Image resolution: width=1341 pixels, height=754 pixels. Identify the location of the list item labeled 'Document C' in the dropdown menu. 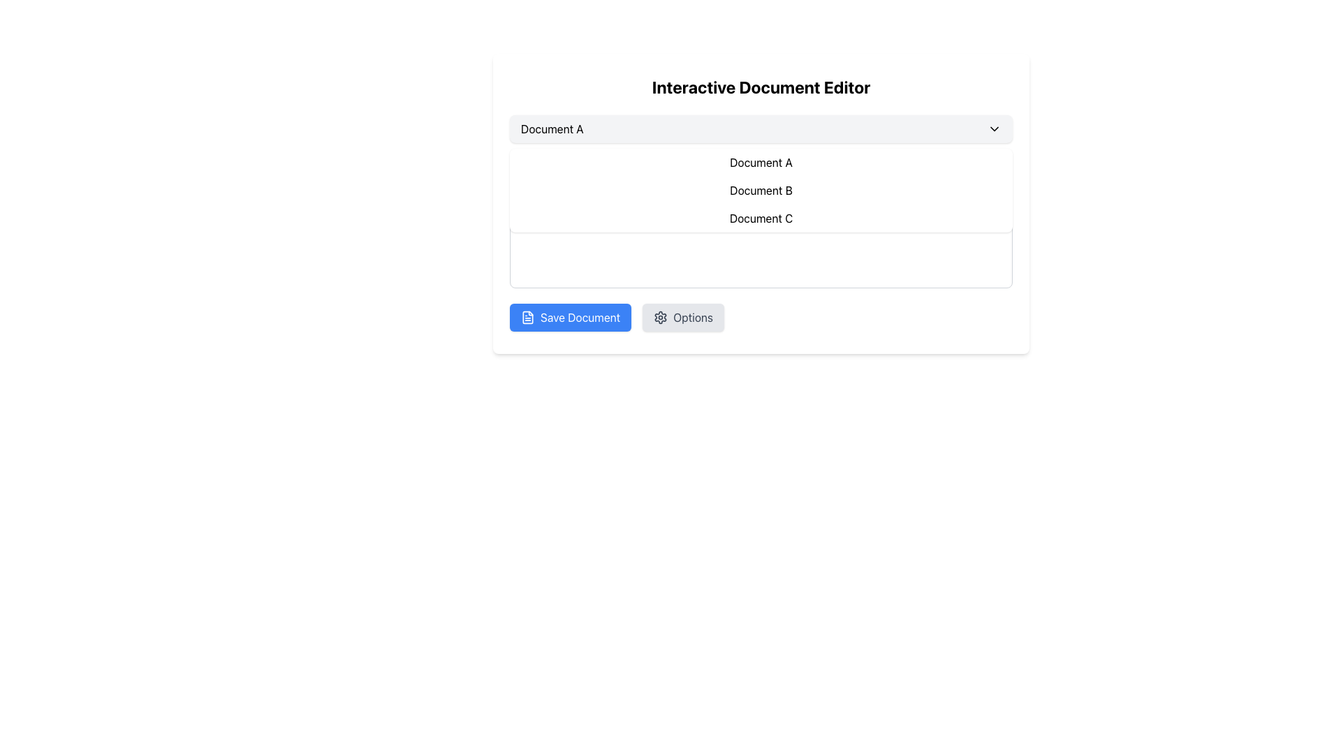
(760, 218).